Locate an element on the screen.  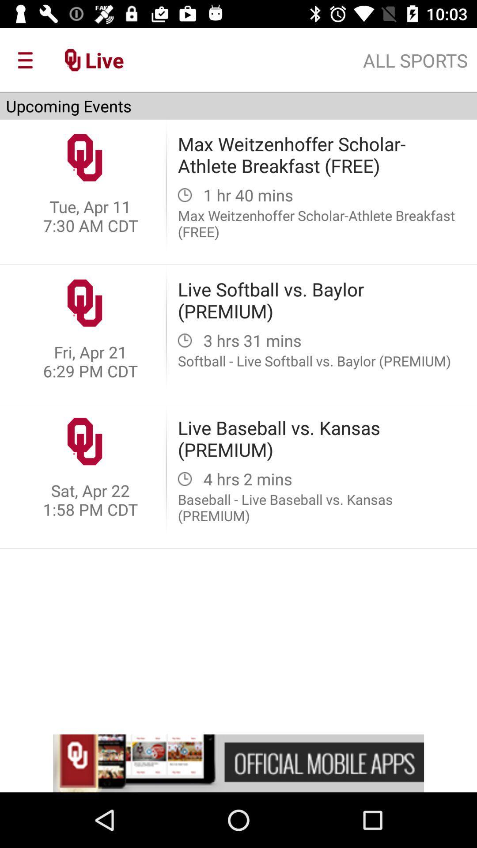
button at top right is located at coordinates (415, 60).